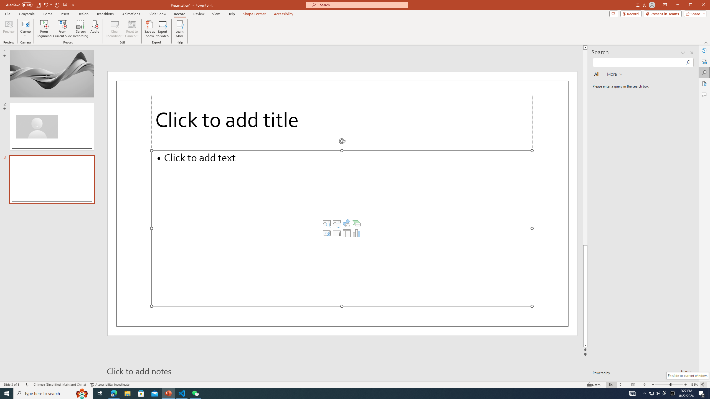  What do you see at coordinates (356, 223) in the screenshot?
I see `'Insert a SmartArt Graphic'` at bounding box center [356, 223].